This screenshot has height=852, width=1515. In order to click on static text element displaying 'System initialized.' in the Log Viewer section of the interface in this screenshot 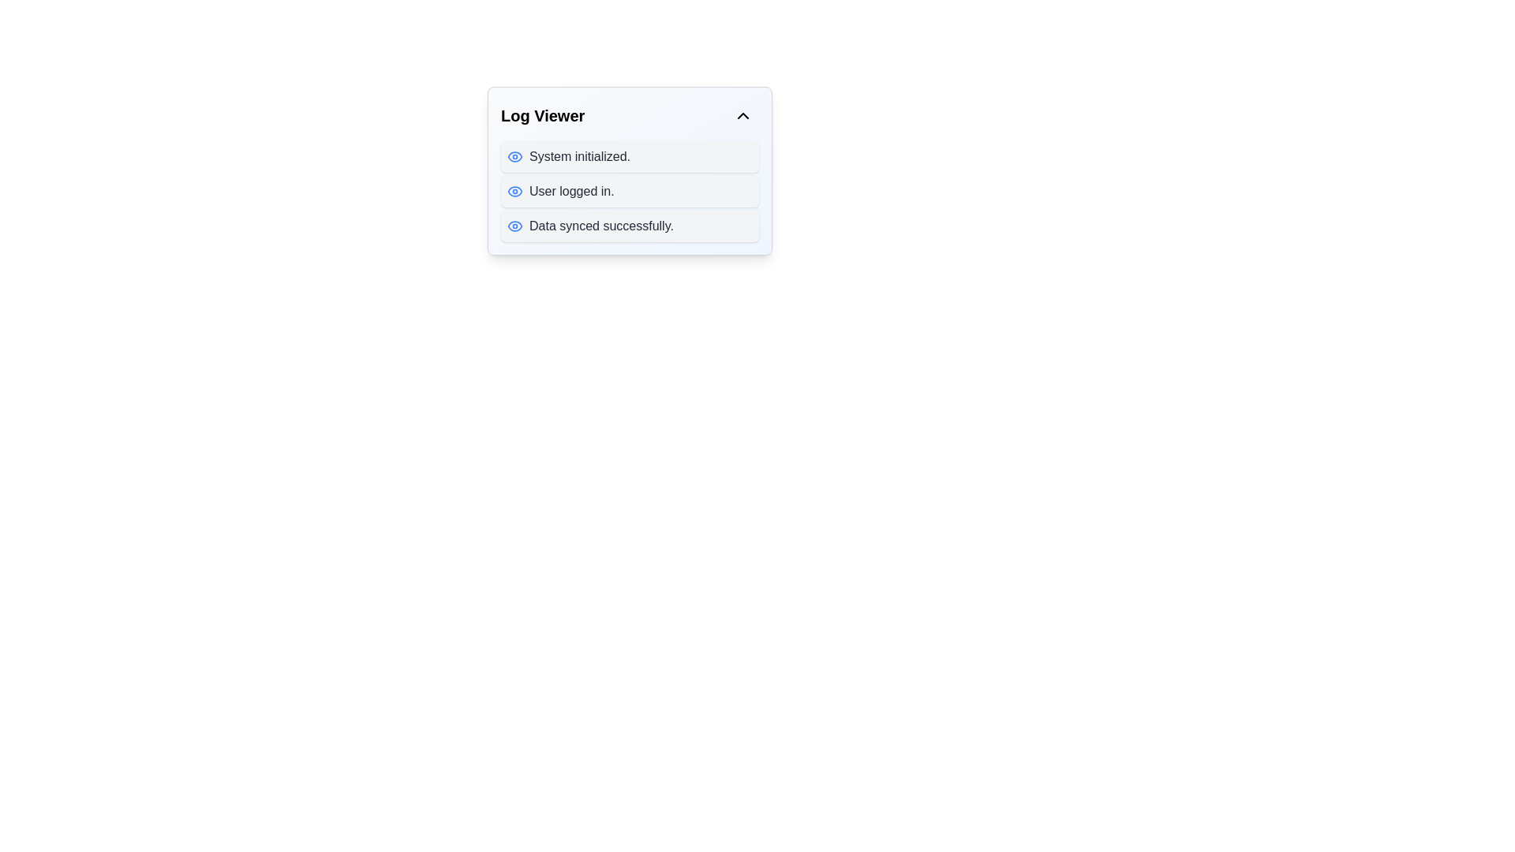, I will do `click(578, 157)`.